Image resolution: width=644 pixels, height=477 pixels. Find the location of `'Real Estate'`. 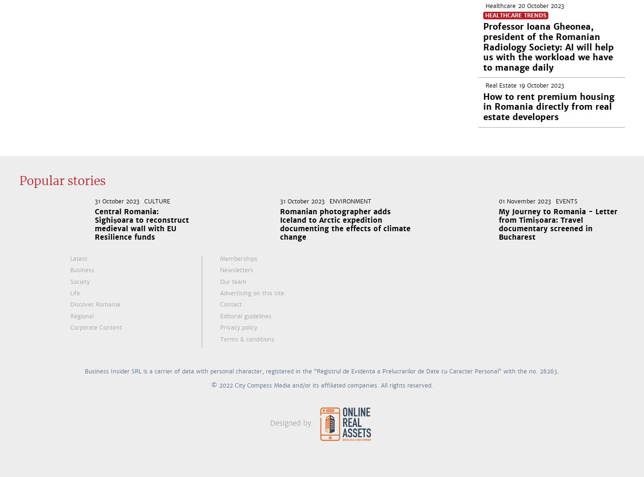

'Real Estate' is located at coordinates (500, 86).